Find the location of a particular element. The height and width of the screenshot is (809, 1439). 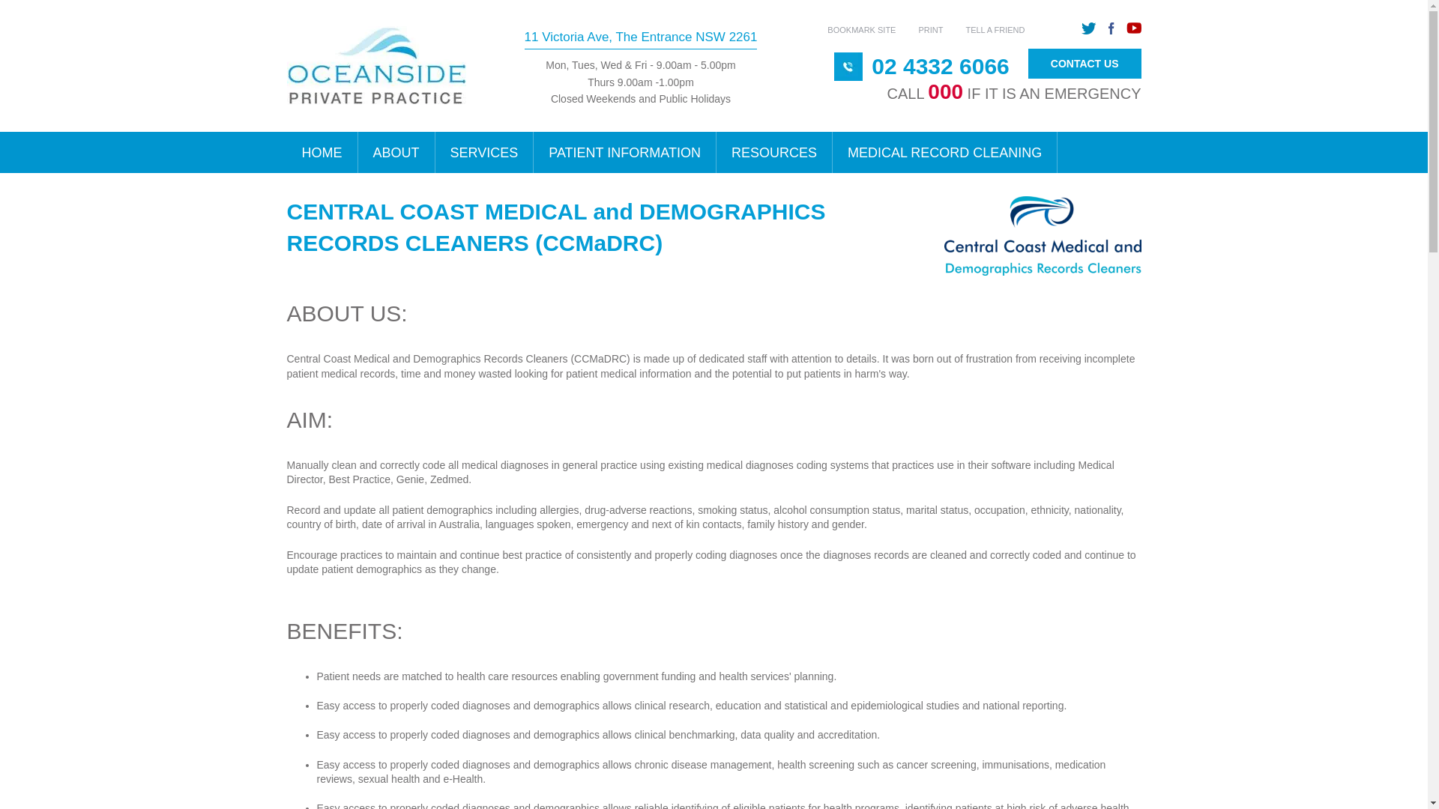

'HOME' is located at coordinates (321, 152).